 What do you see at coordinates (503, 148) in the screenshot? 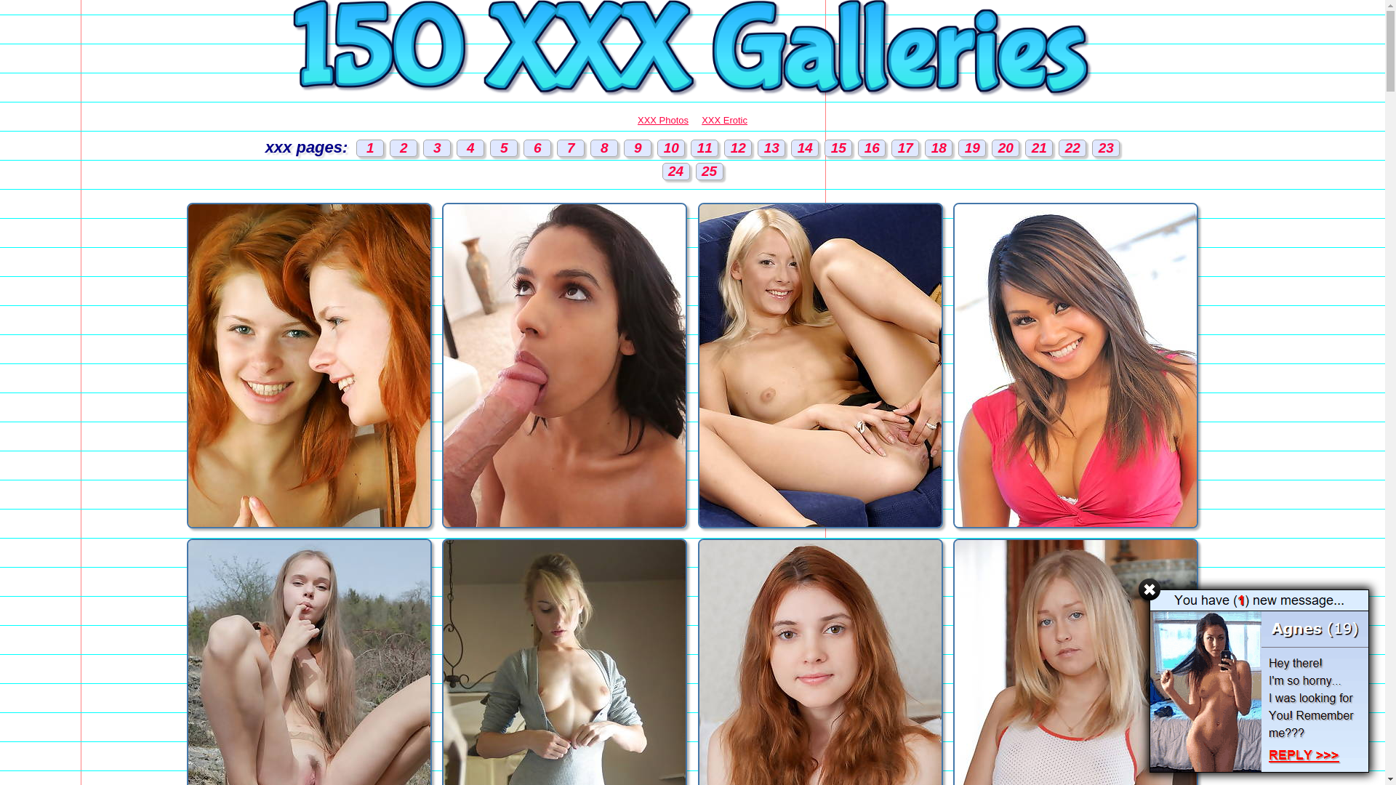
I see `'5'` at bounding box center [503, 148].